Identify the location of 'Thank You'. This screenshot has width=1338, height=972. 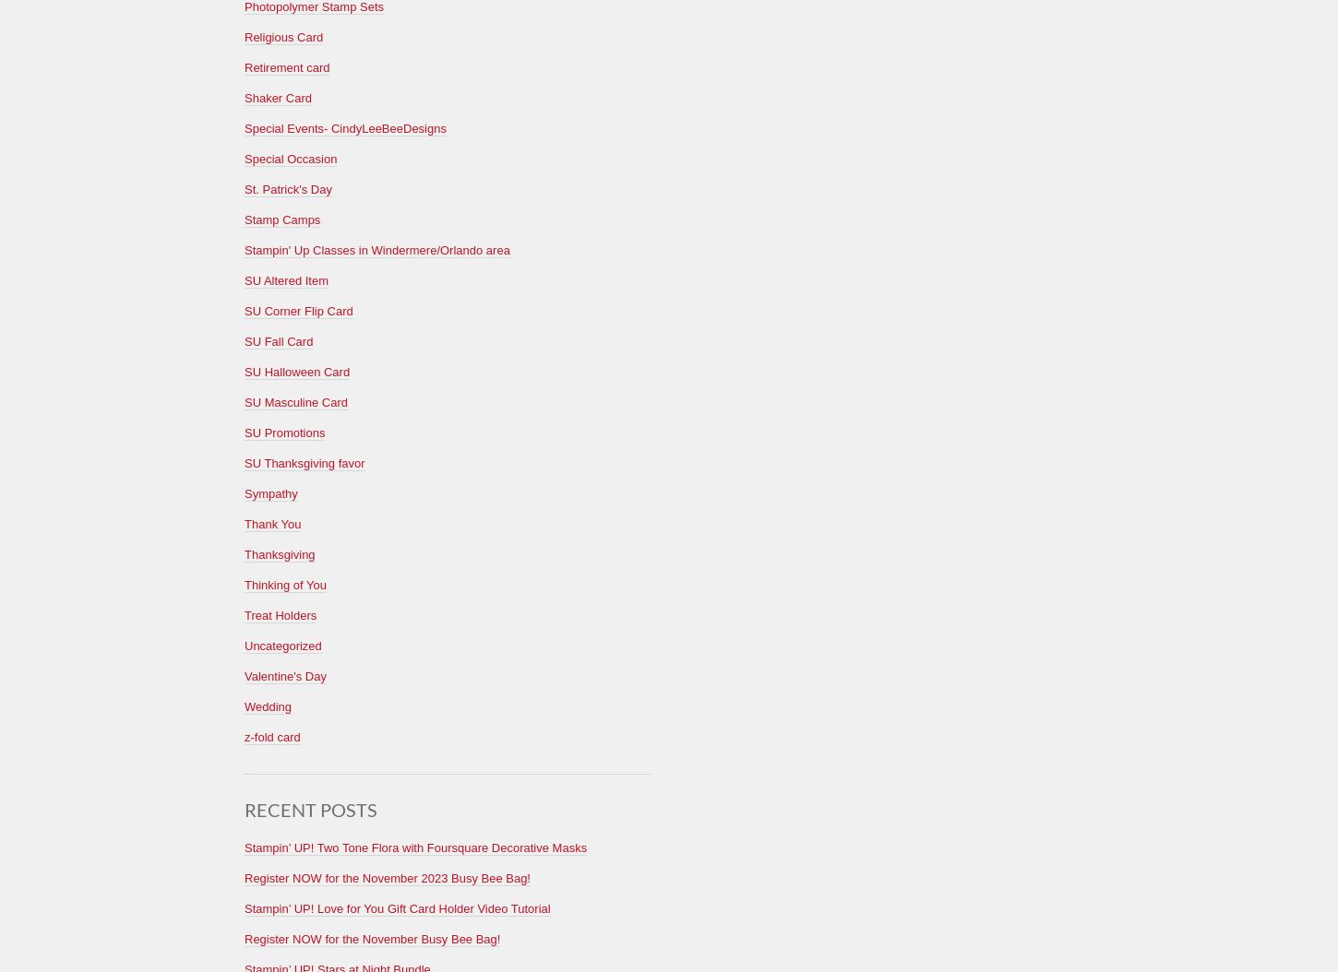
(272, 523).